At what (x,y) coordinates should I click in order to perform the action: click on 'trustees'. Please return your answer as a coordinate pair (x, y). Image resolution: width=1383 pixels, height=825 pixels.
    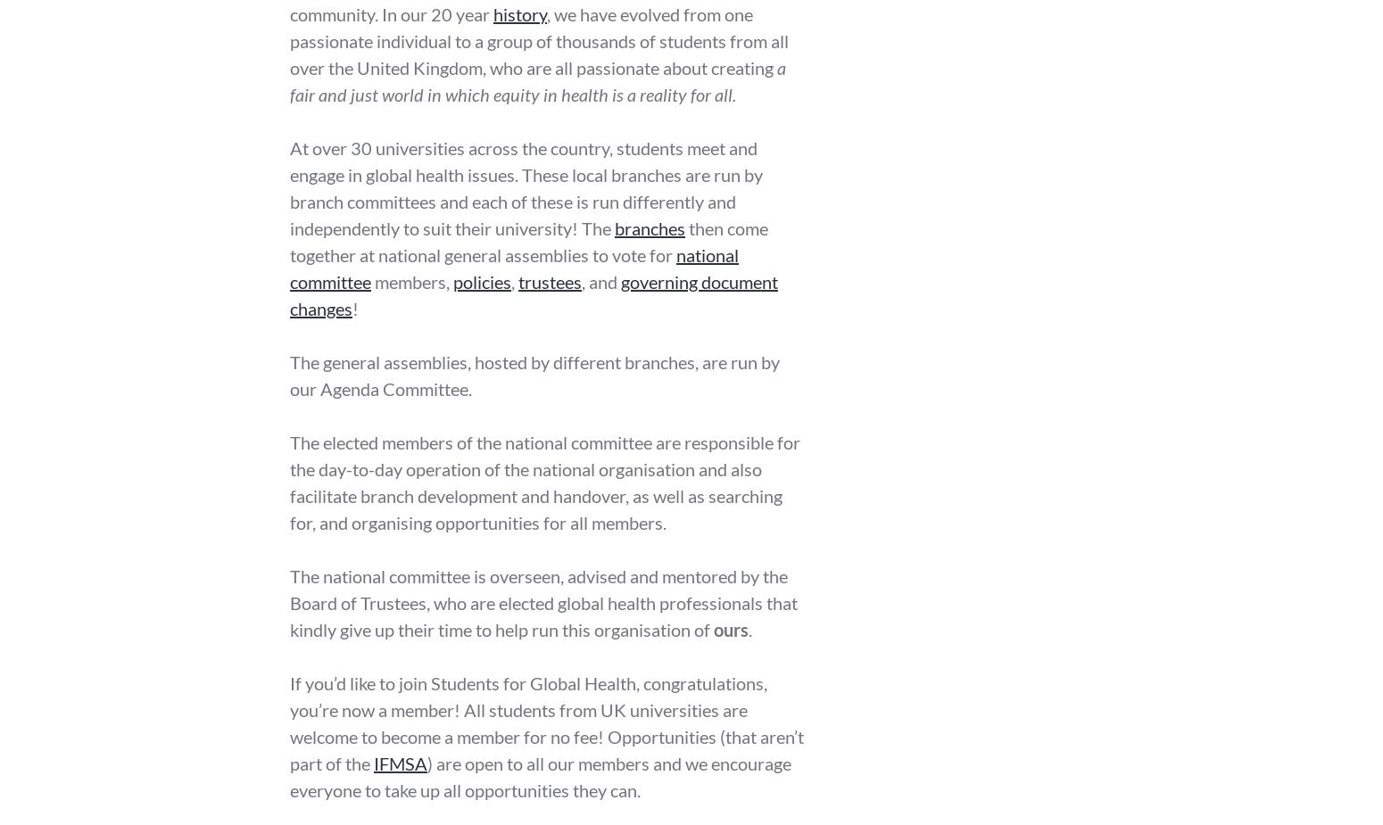
    Looking at the image, I should click on (550, 280).